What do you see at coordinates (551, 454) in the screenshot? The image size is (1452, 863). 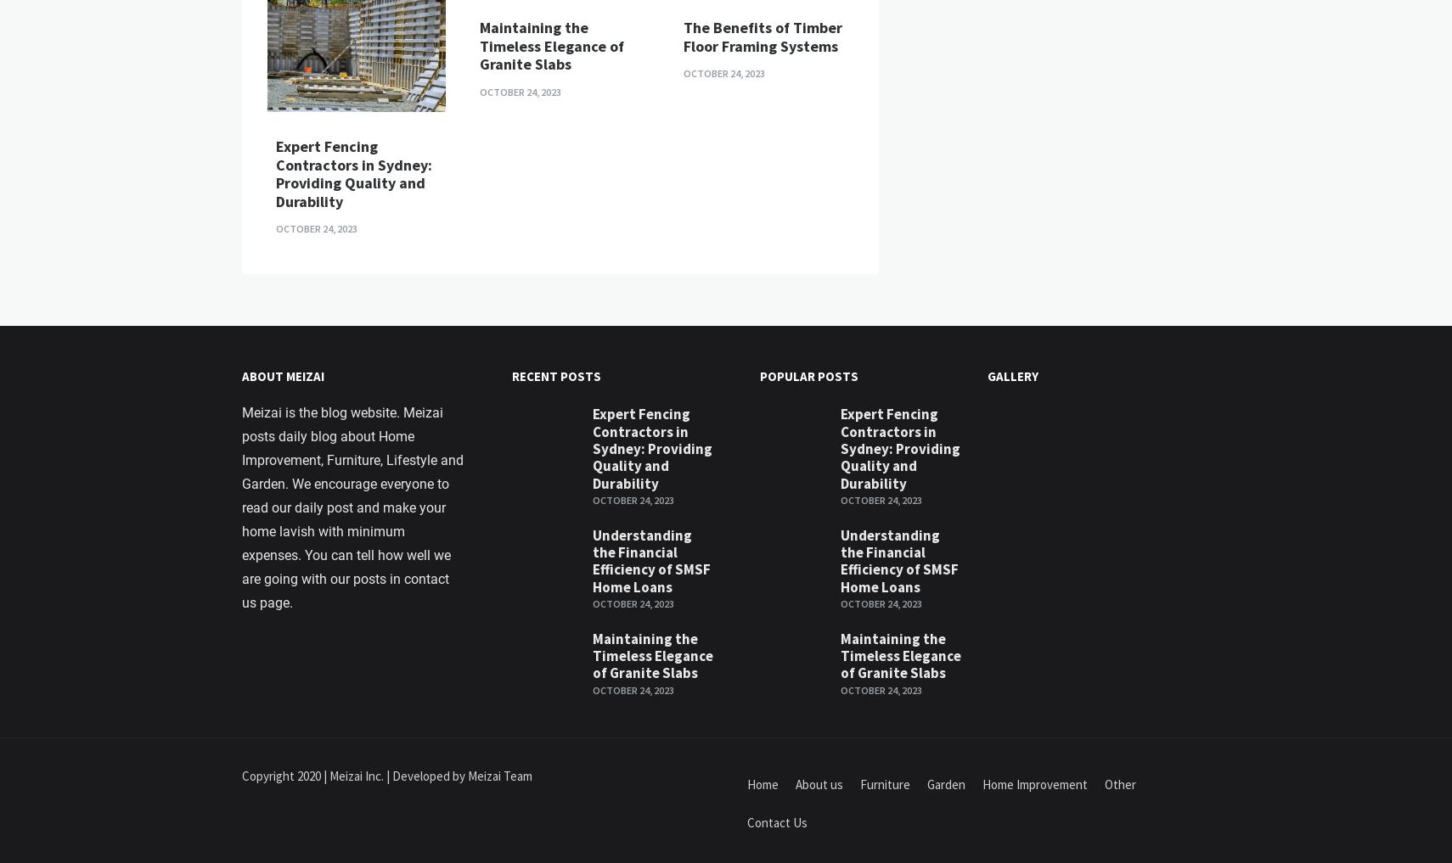 I see `'Maintaining the Timeless Elegance of Granite Slabs'` at bounding box center [551, 454].